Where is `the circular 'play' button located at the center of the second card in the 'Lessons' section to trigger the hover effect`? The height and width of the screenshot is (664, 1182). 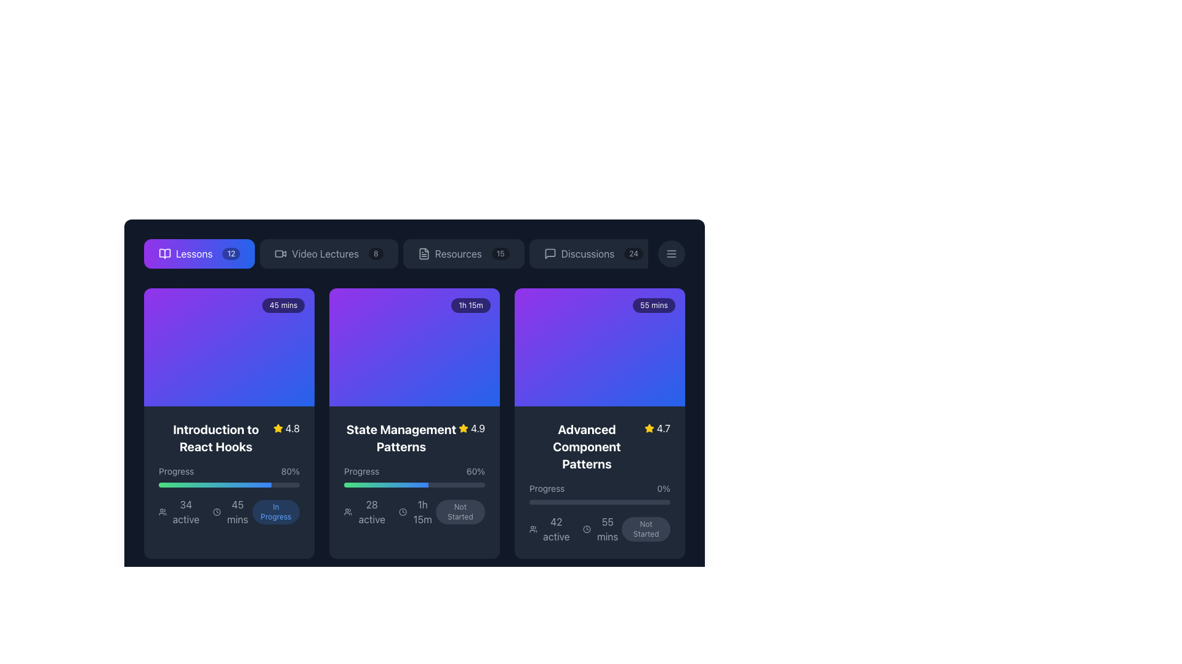 the circular 'play' button located at the center of the second card in the 'Lessons' section to trigger the hover effect is located at coordinates (414, 347).